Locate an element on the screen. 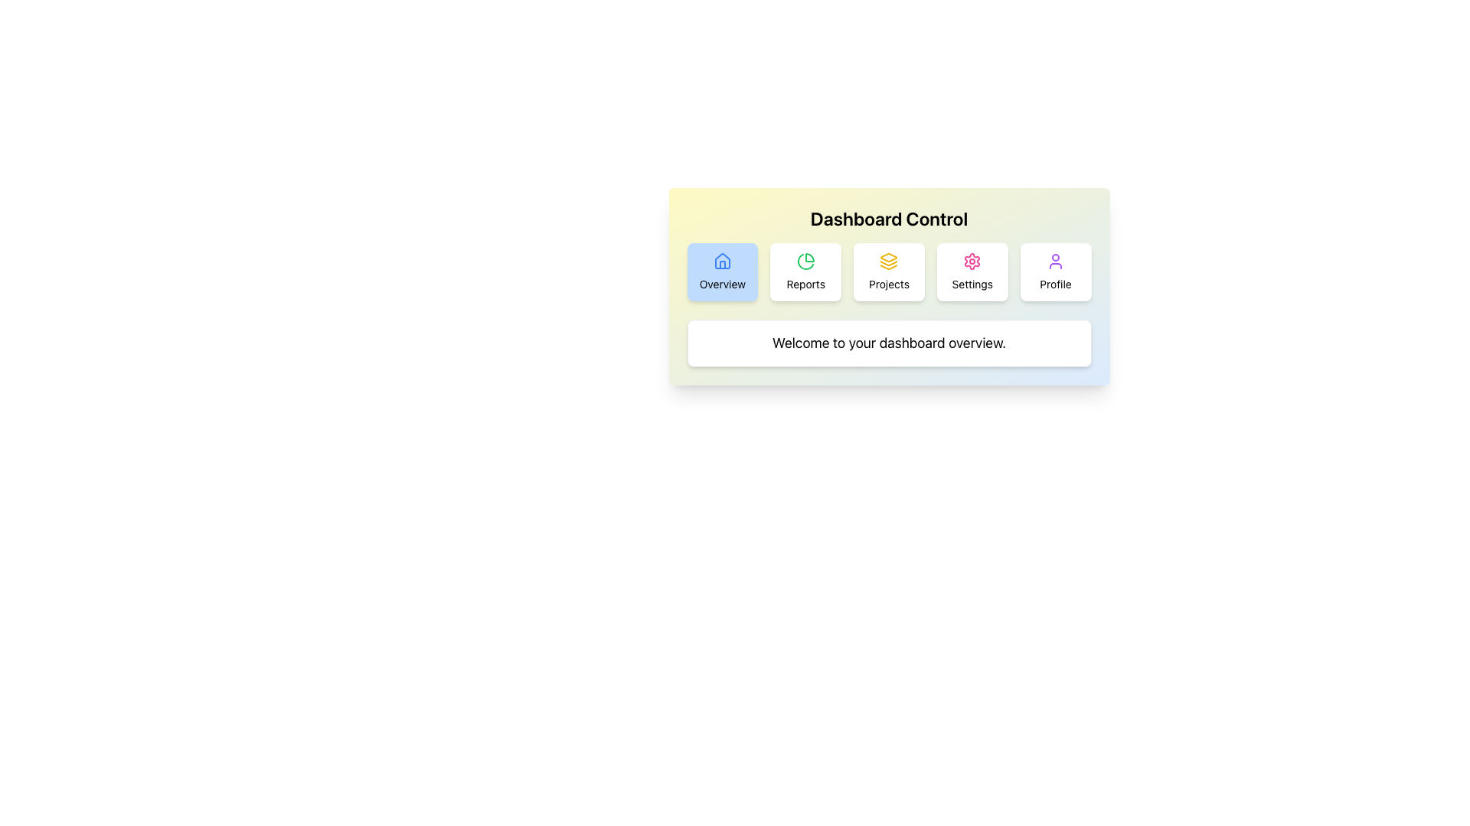 The image size is (1470, 826). the 'Reports' icon in the navigation bar for keyboard interaction is located at coordinates (805, 261).